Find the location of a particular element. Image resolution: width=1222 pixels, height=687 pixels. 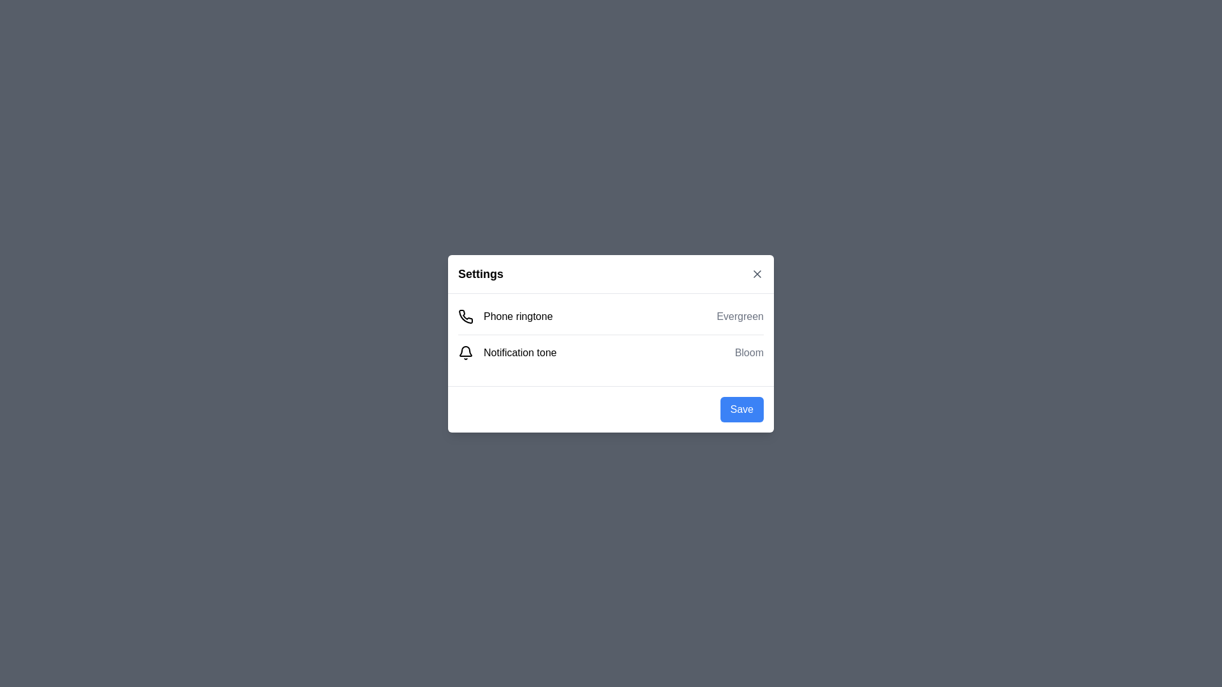

the Setting selection row labeled 'Phone ringtone' is located at coordinates (611, 316).